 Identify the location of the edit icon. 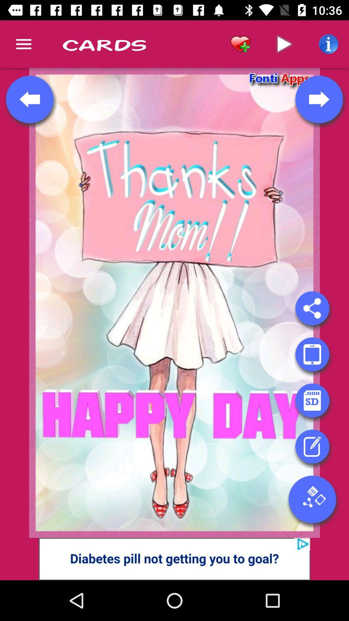
(312, 446).